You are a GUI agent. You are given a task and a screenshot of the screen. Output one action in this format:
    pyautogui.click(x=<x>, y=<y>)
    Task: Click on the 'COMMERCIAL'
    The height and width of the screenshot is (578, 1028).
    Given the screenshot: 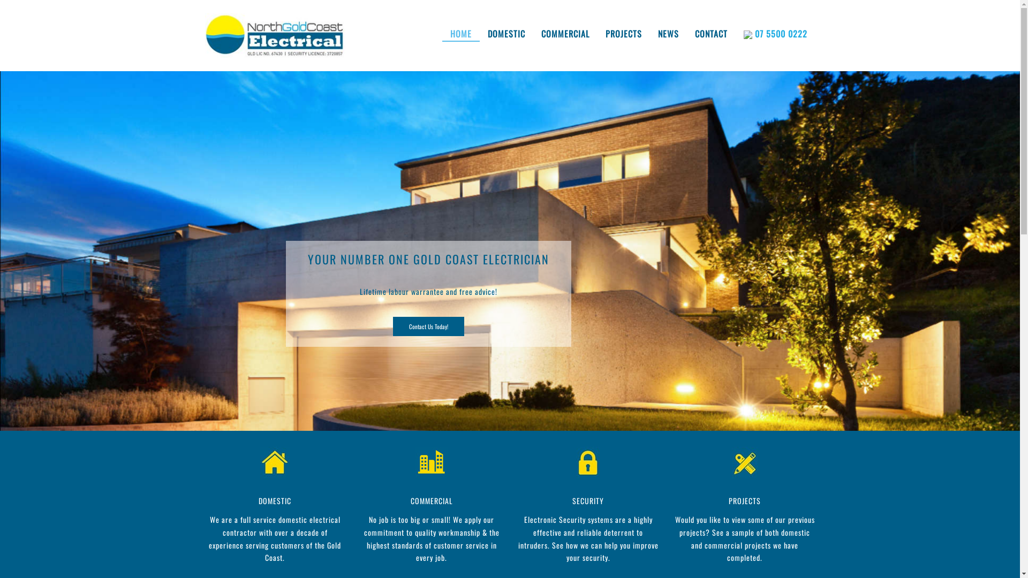 What is the action you would take?
    pyautogui.click(x=533, y=33)
    